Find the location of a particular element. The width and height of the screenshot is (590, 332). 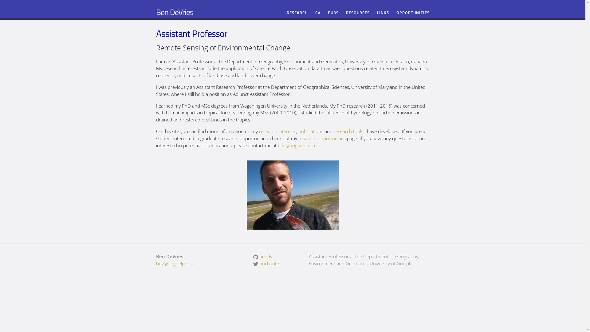

'research opportunities' is located at coordinates (321, 138).